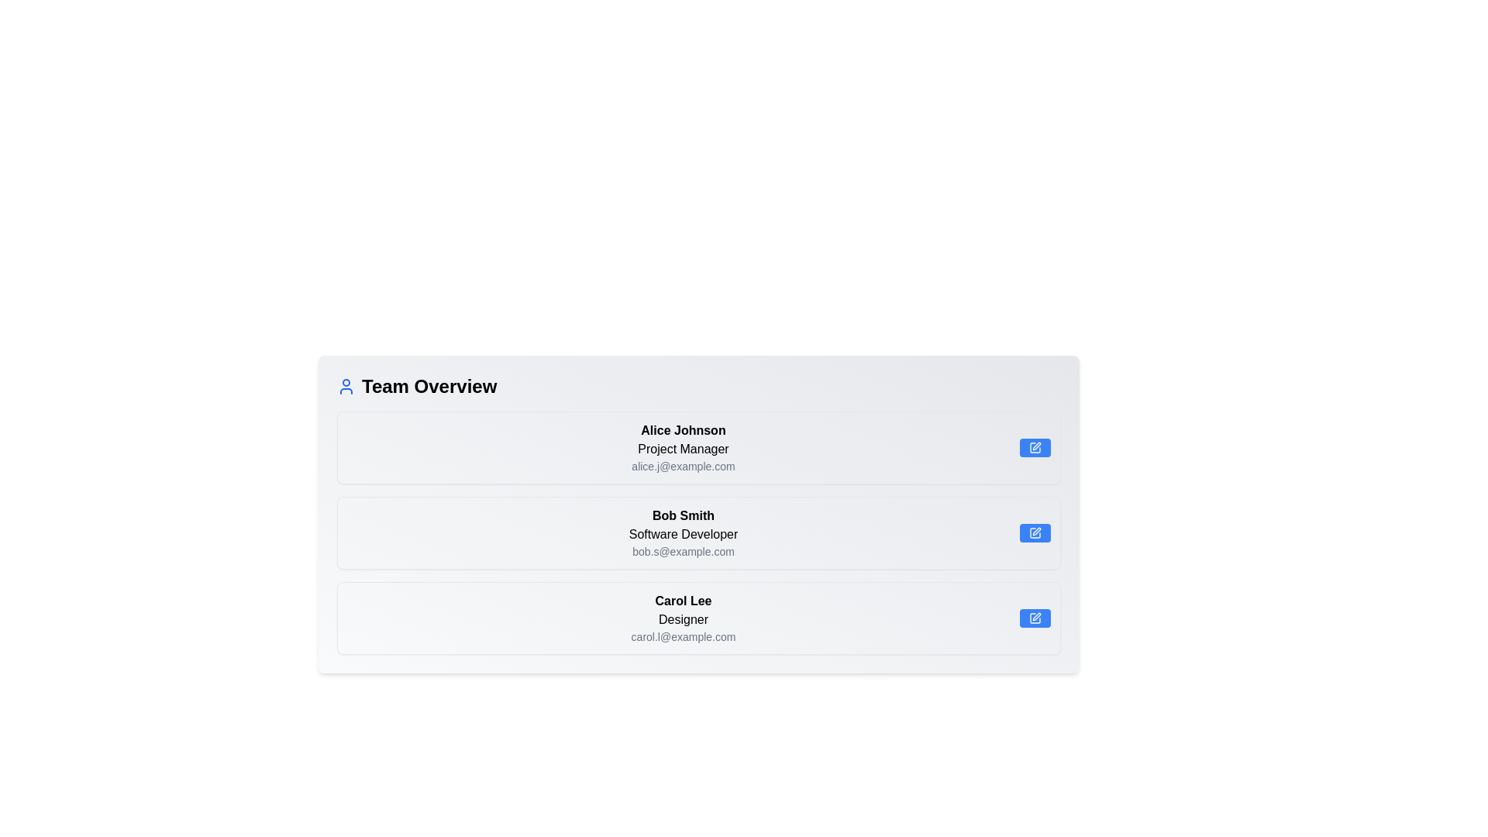  I want to click on name label element indicating 'Carol Lee' located under the 'Team Overview' section in the third entry row, so click(683, 600).